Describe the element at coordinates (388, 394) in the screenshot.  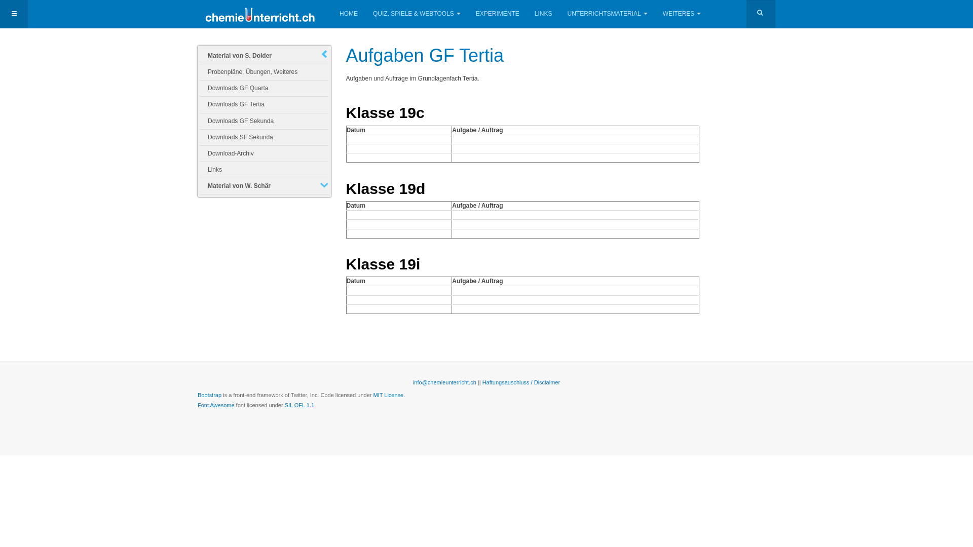
I see `'MIT License.'` at that location.